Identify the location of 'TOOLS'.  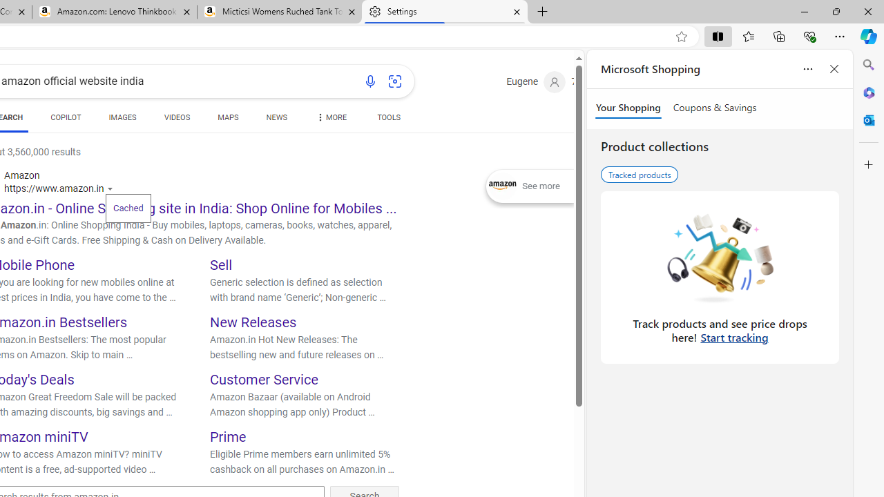
(388, 119).